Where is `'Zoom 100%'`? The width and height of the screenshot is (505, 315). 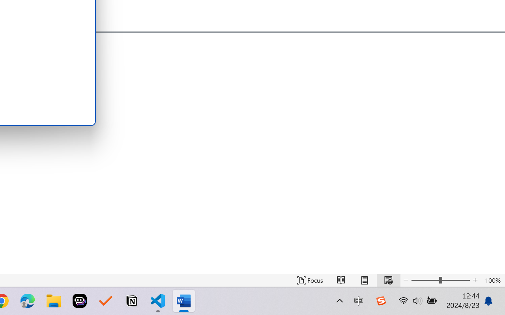
'Zoom 100%' is located at coordinates (492, 280).